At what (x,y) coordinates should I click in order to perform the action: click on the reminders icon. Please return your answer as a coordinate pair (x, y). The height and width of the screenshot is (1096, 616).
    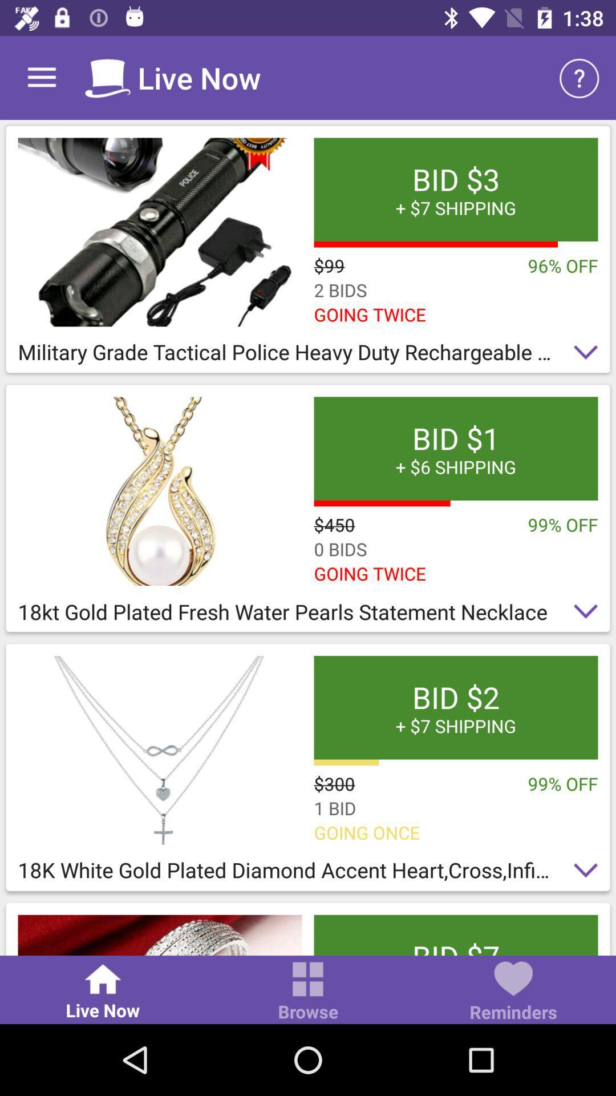
    Looking at the image, I should click on (512, 992).